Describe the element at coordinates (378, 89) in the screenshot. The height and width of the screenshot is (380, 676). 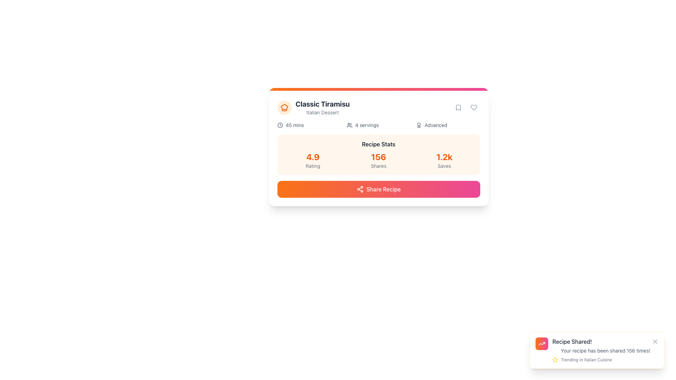
I see `the Decorative gradient bar at the top of the card, which enhances the card's visual appeal` at that location.